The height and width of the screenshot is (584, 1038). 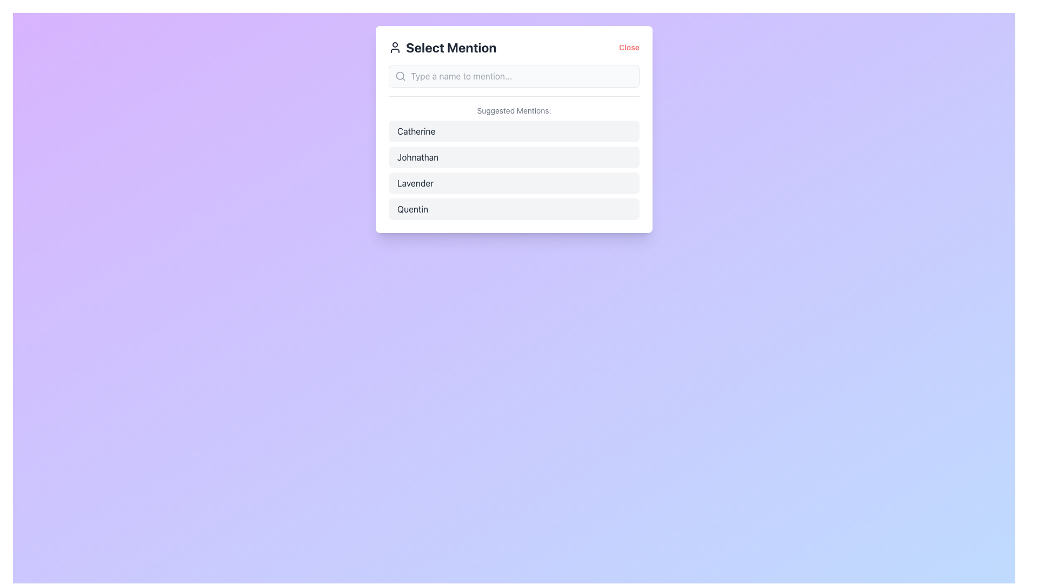 What do you see at coordinates (394, 47) in the screenshot?
I see `the user icon located at the top left of the modal interface, which is represented in a minimalist outline style` at bounding box center [394, 47].